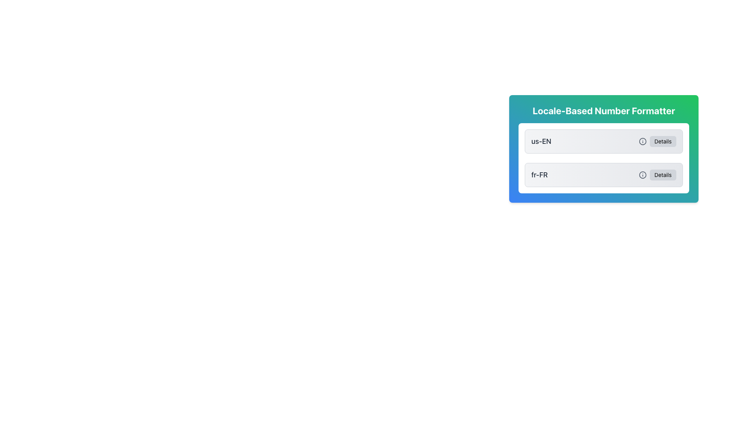 The height and width of the screenshot is (421, 748). Describe the element at coordinates (662, 174) in the screenshot. I see `the 'Details' interactive button, which is a rectangular button with rounded corners and a subtle gray background, located to the far right of the 'fr-FR' row` at that location.